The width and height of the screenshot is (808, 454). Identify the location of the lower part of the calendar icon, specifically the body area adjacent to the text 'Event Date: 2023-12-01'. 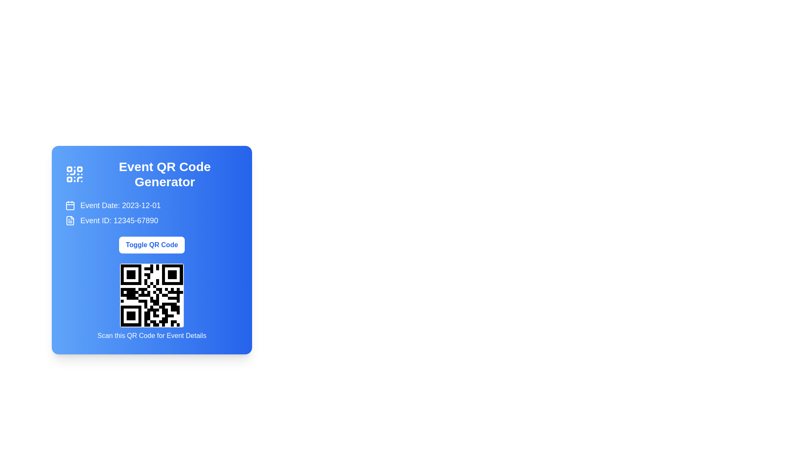
(70, 206).